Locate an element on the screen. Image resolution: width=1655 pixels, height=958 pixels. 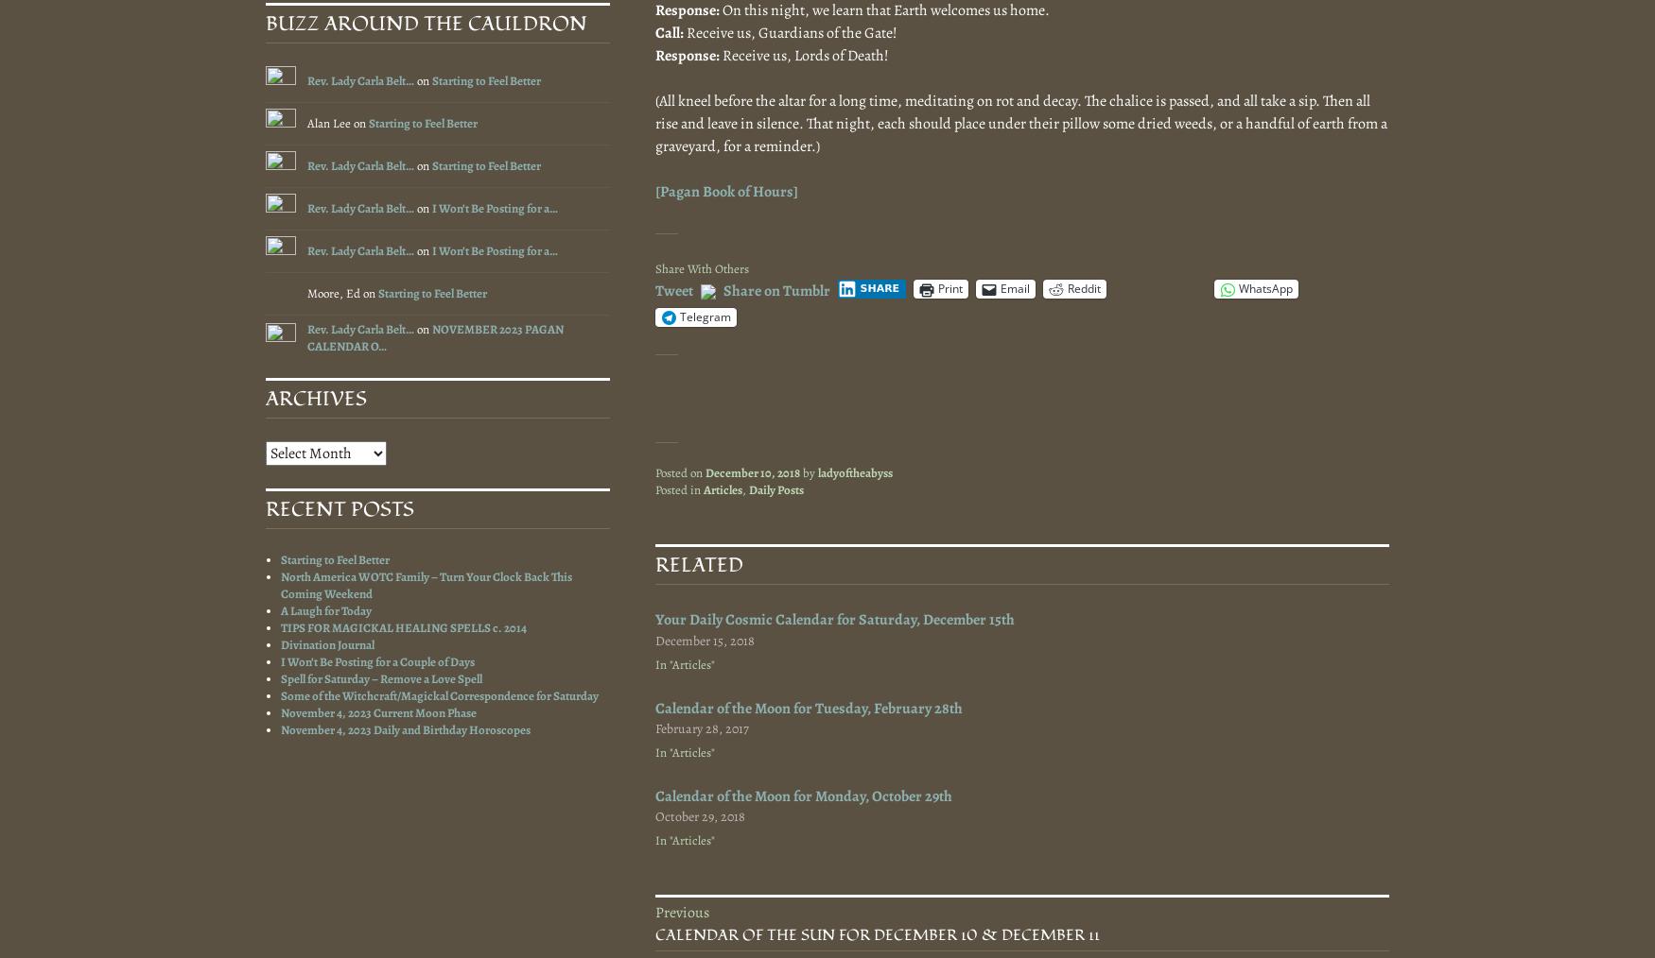
'Share on Tumblr' is located at coordinates (776, 290).